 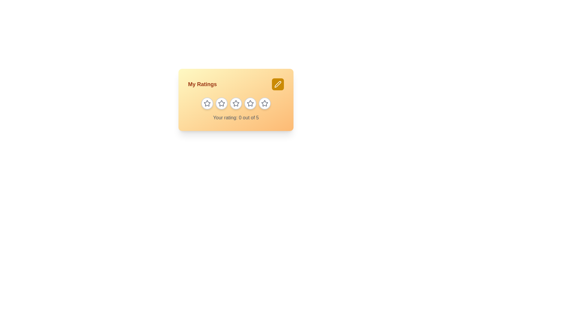 What do you see at coordinates (277, 84) in the screenshot?
I see `the pencil-like pen icon button, which is located in the top-right corner of the rating interface card adjacent to 'My Ratings'` at bounding box center [277, 84].